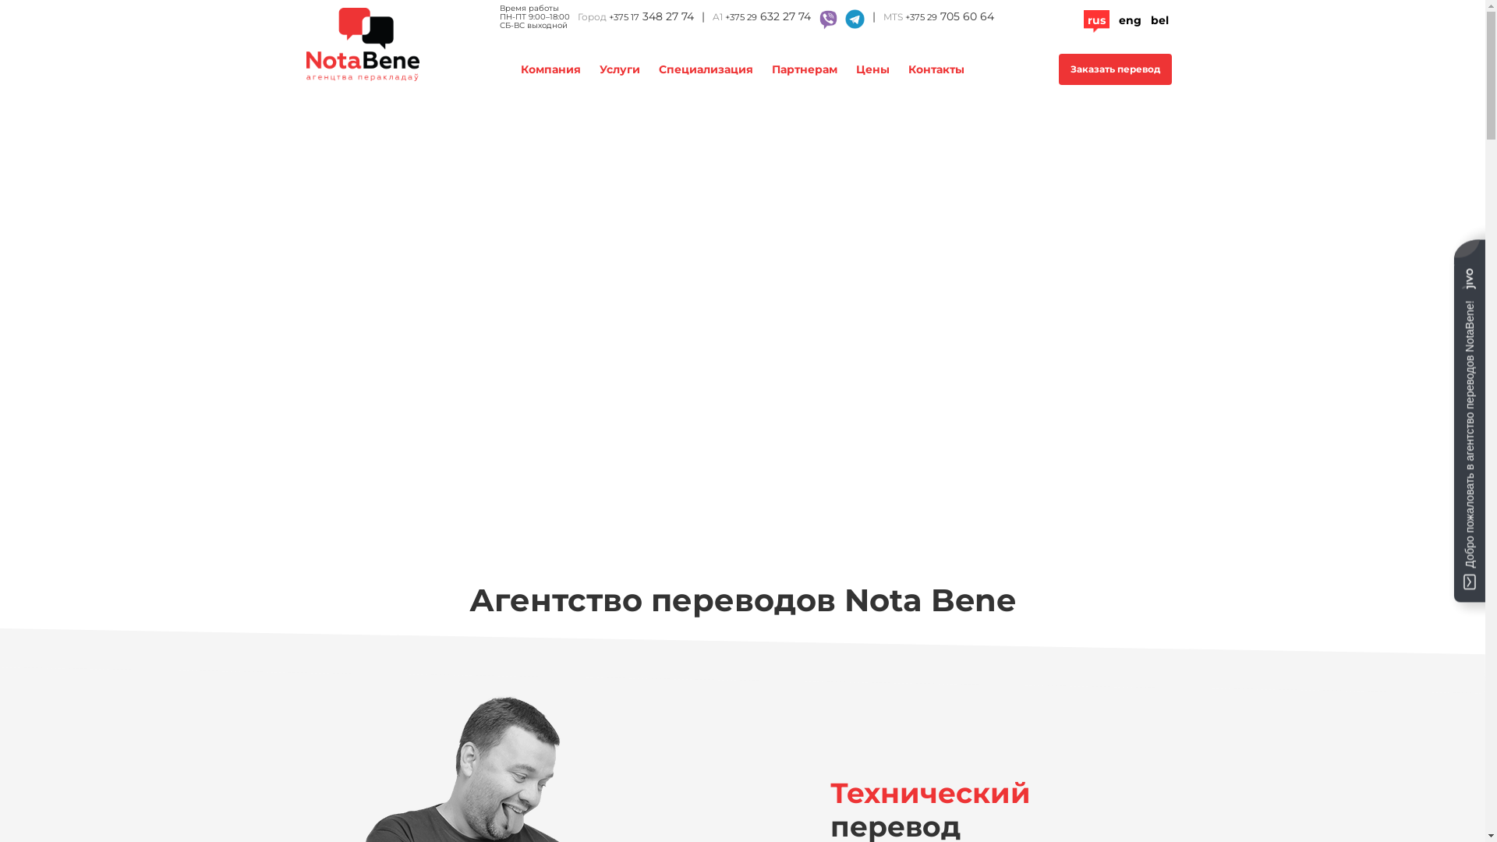 This screenshot has height=842, width=1497. What do you see at coordinates (948, 17) in the screenshot?
I see `'+375 29 705 60 64'` at bounding box center [948, 17].